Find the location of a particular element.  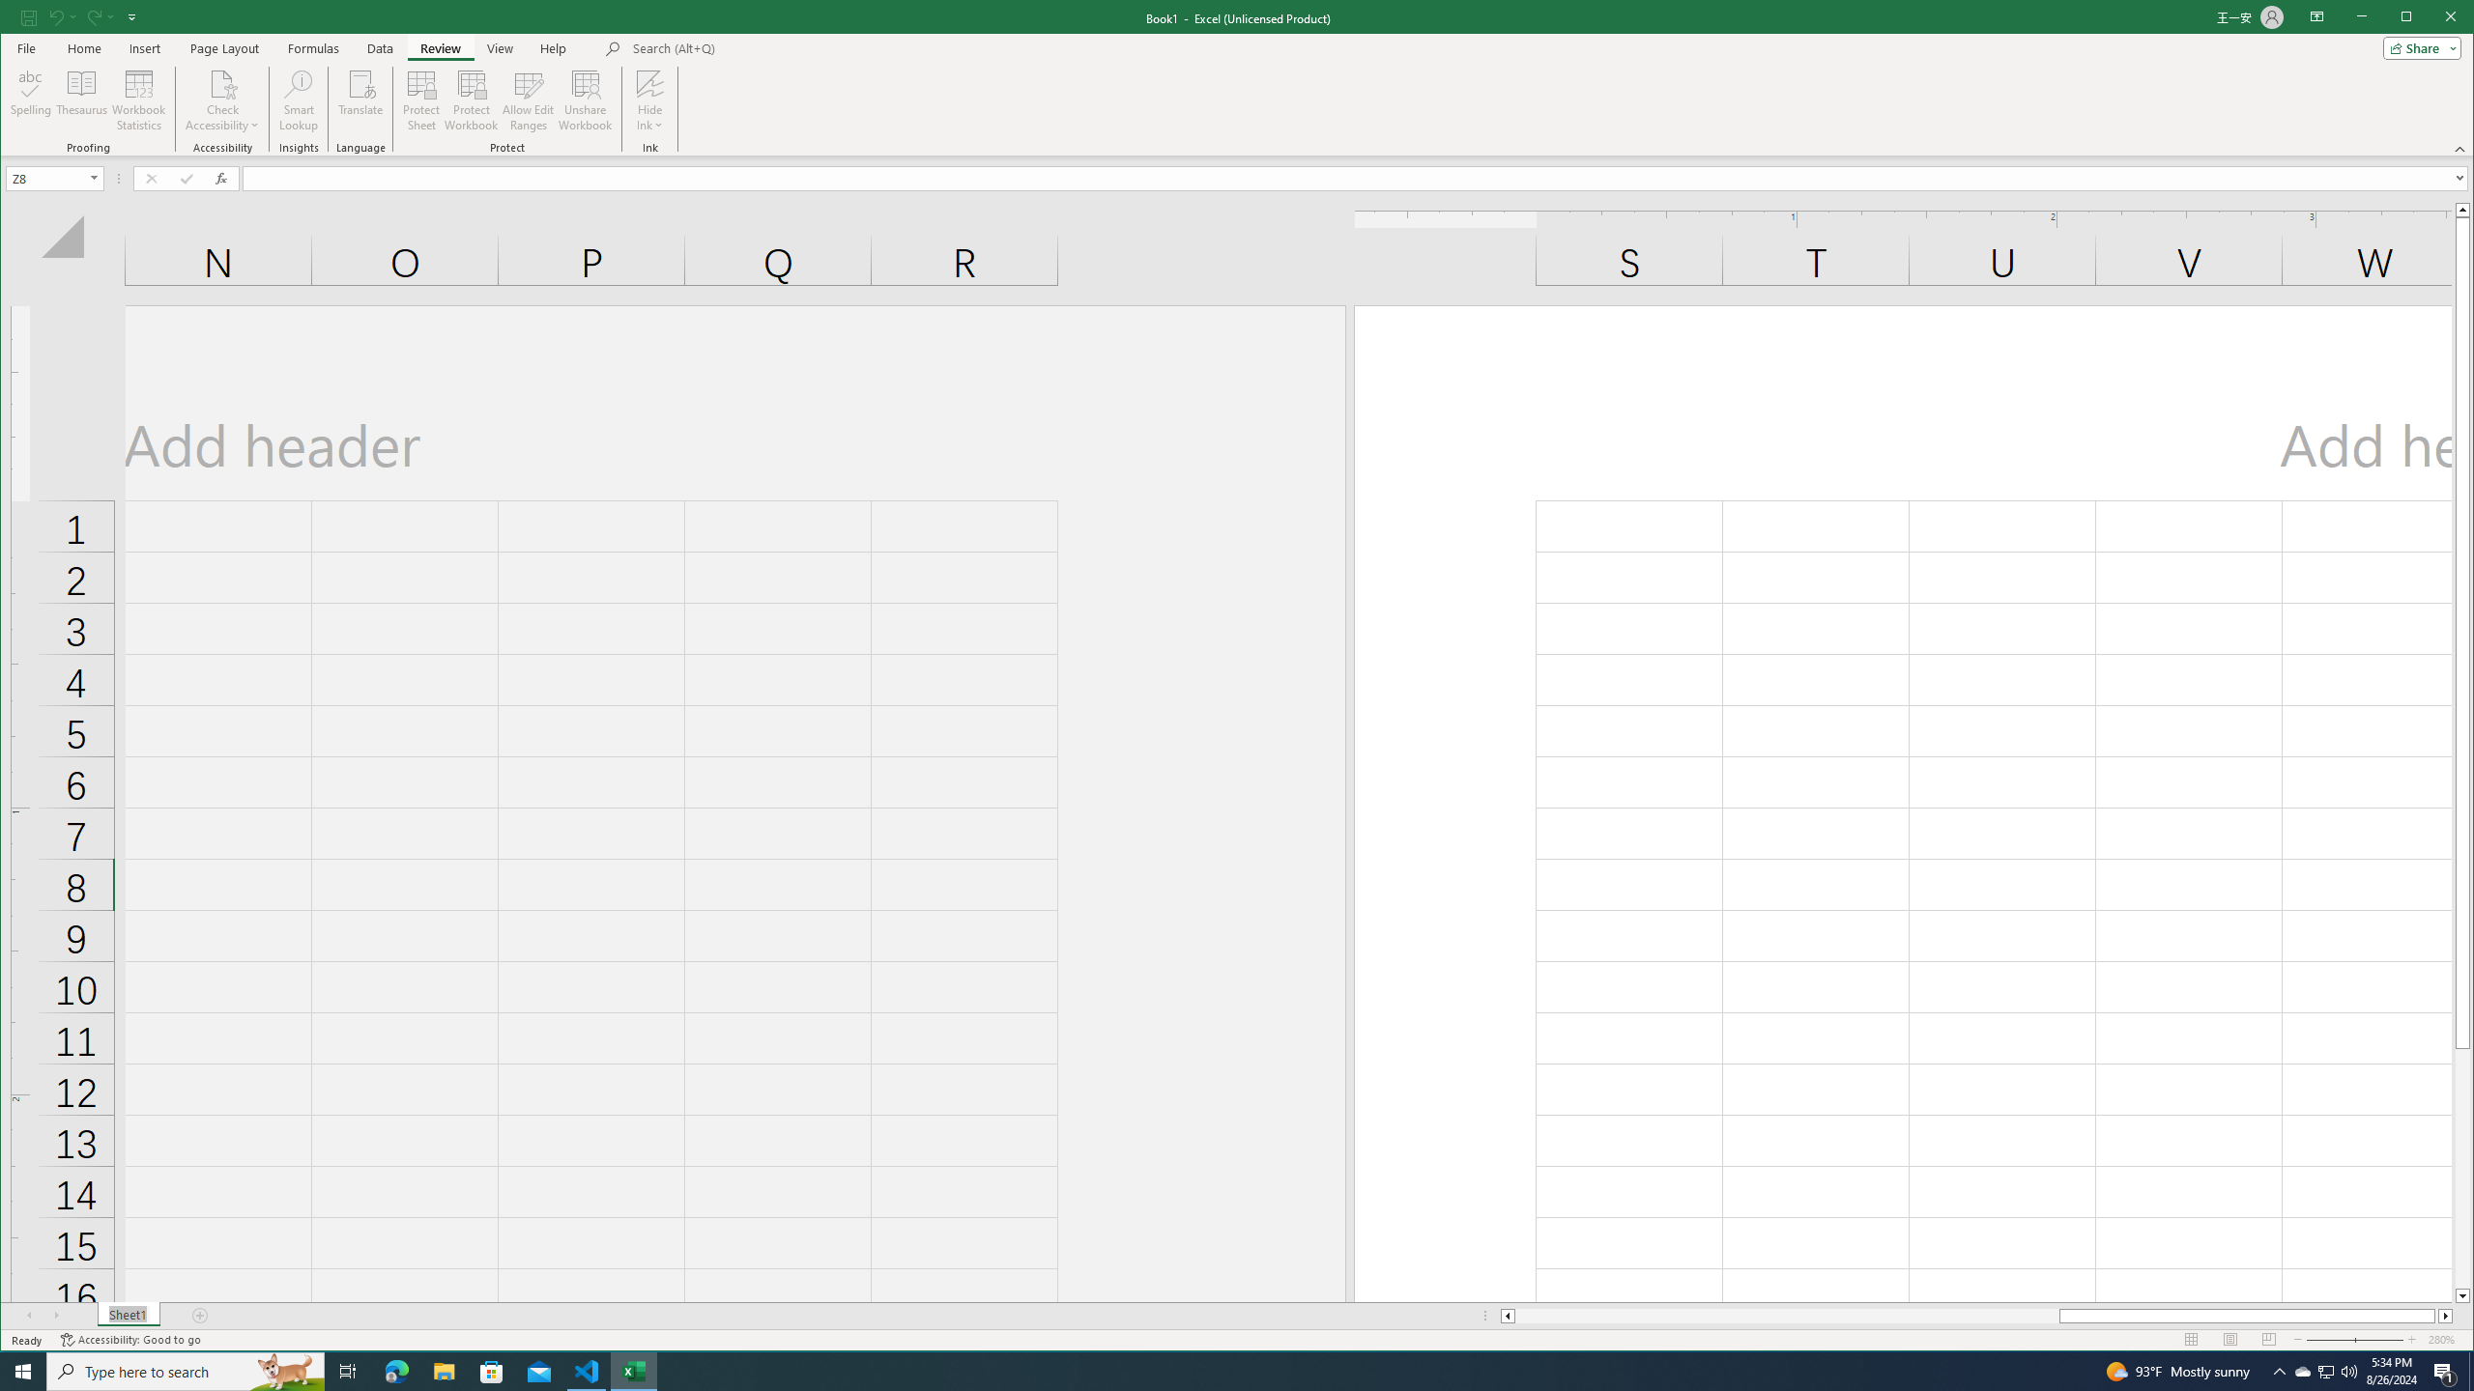

'Insert' is located at coordinates (145, 47).